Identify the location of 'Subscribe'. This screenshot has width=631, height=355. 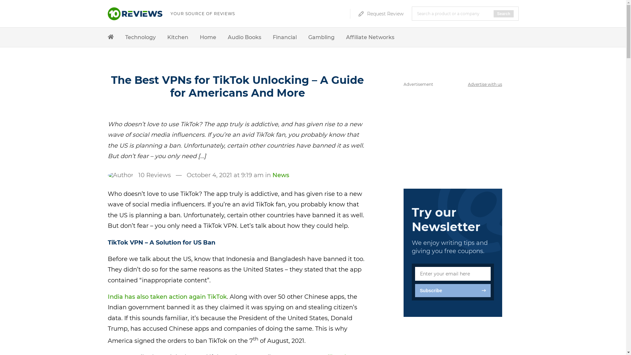
(414, 290).